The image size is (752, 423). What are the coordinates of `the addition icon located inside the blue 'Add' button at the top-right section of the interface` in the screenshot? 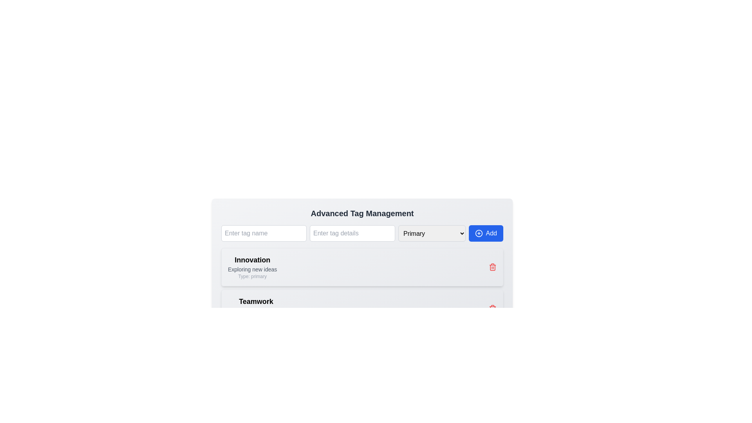 It's located at (478, 233).